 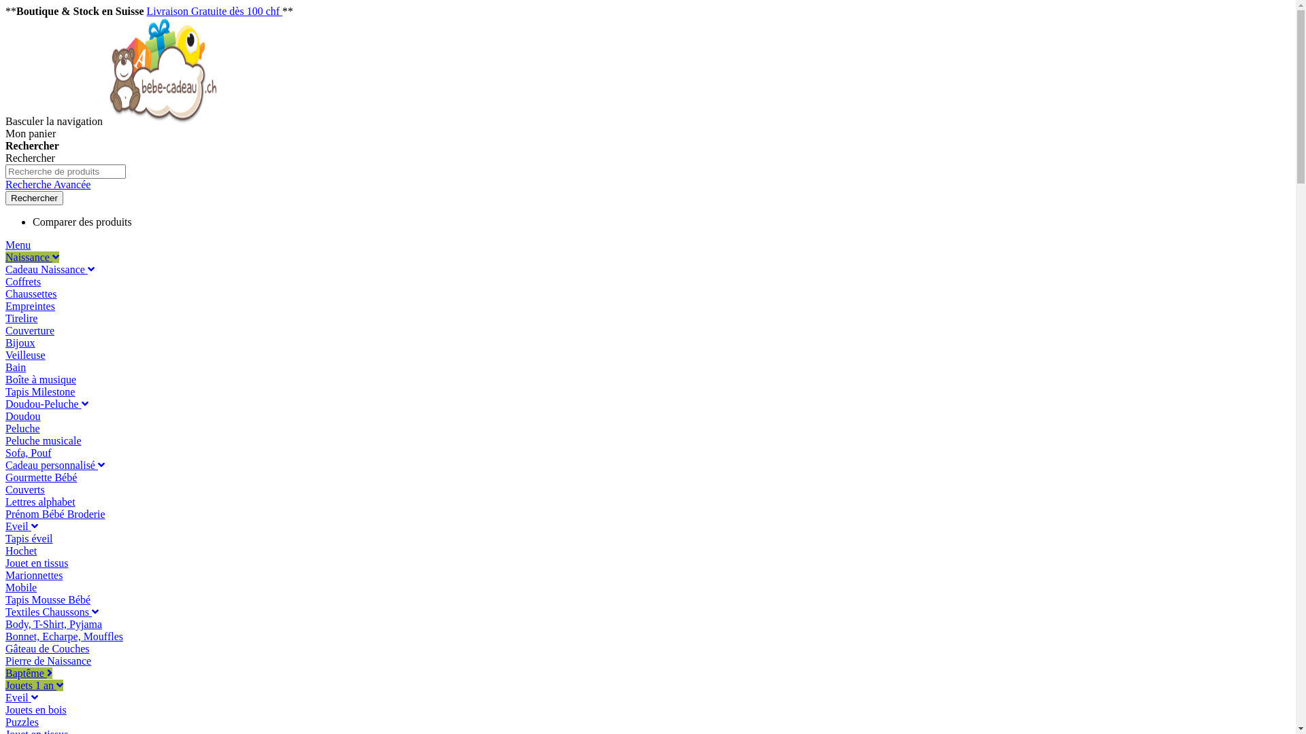 I want to click on 'Pierre de Naissance', so click(x=48, y=660).